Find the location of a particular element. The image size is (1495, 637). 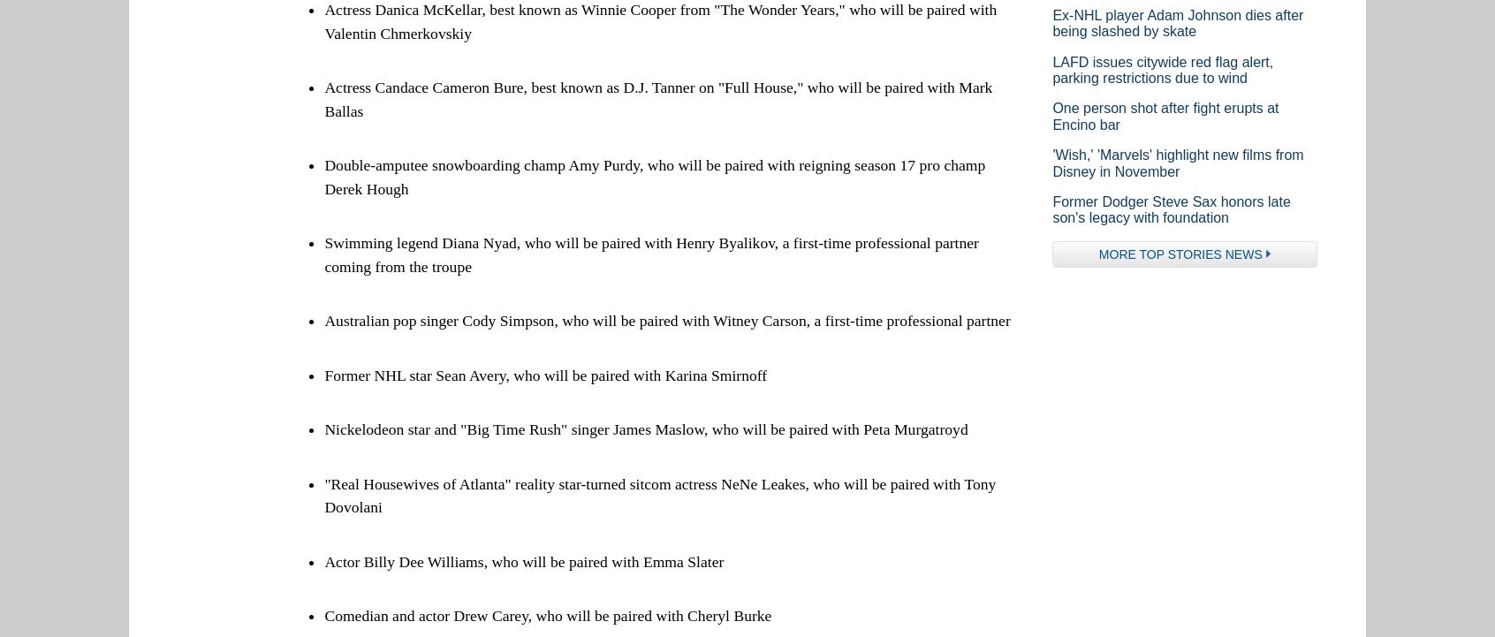

'Australian pop singer Cody Simpson, who will be paired with Witney Carson, a first-time professional partner' is located at coordinates (665, 320).